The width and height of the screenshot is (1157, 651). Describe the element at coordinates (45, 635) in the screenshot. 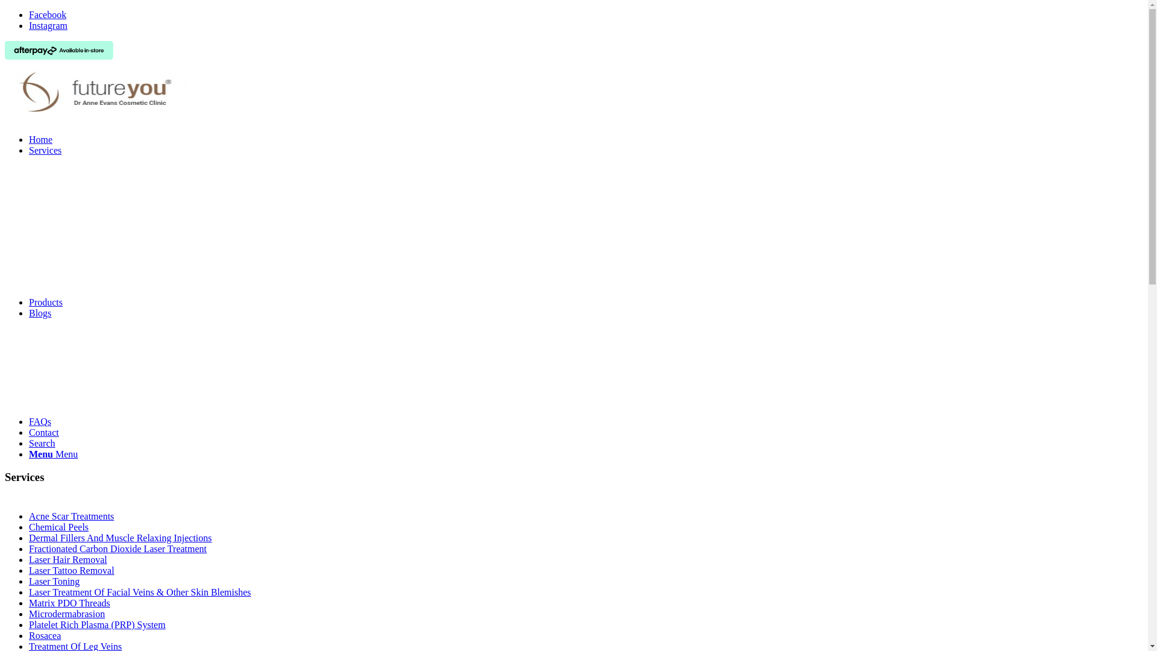

I see `'Rosacea'` at that location.